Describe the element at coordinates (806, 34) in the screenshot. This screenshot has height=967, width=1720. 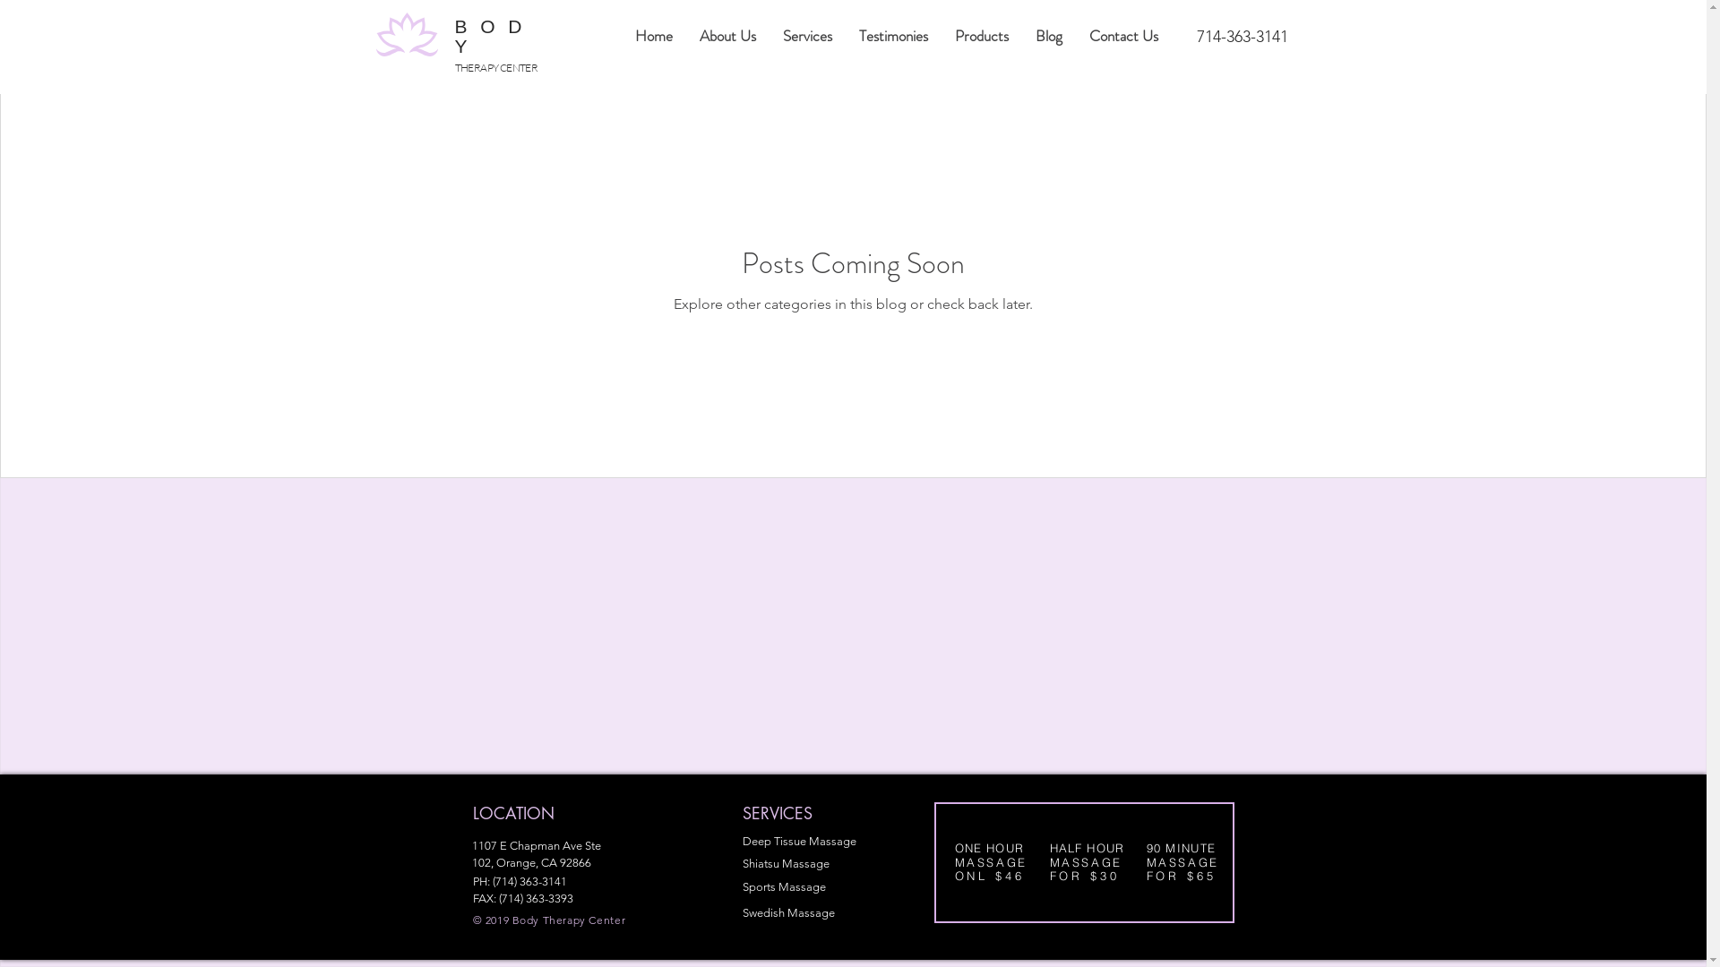
I see `'Services'` at that location.